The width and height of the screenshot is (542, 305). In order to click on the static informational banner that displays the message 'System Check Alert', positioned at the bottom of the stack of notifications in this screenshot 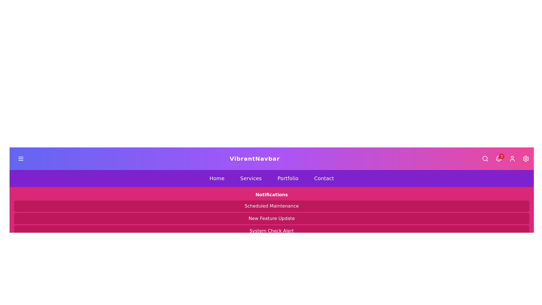, I will do `click(272, 231)`.